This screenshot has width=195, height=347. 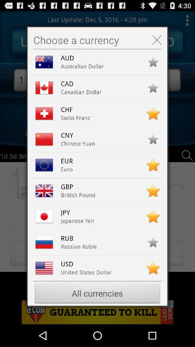 What do you see at coordinates (81, 92) in the screenshot?
I see `canadian dollar item` at bounding box center [81, 92].